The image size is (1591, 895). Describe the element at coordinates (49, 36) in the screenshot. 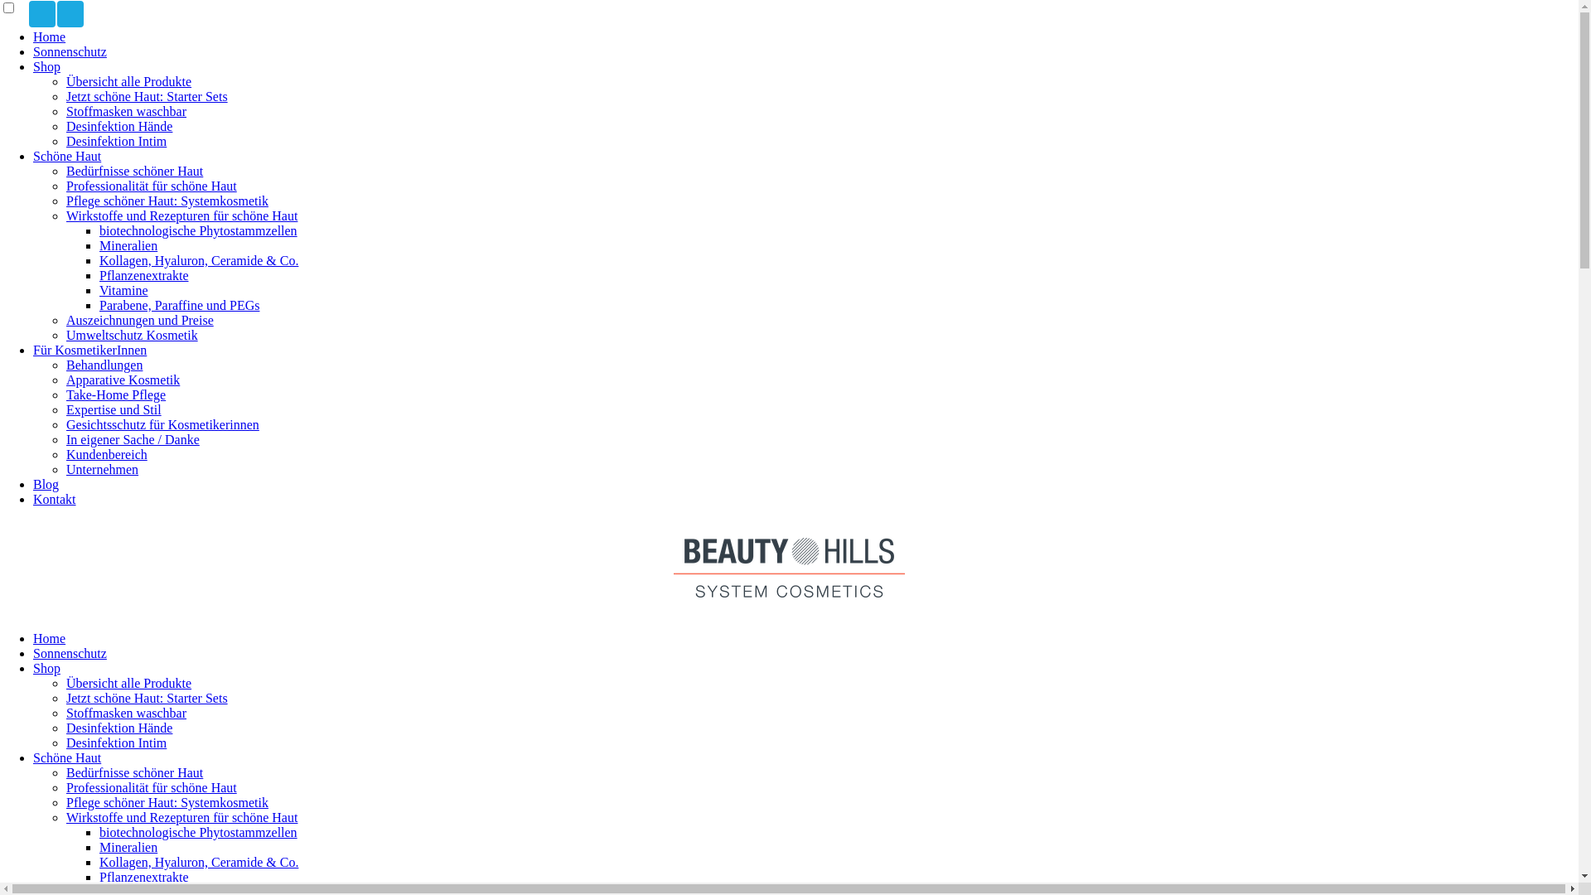

I see `'Home'` at that location.